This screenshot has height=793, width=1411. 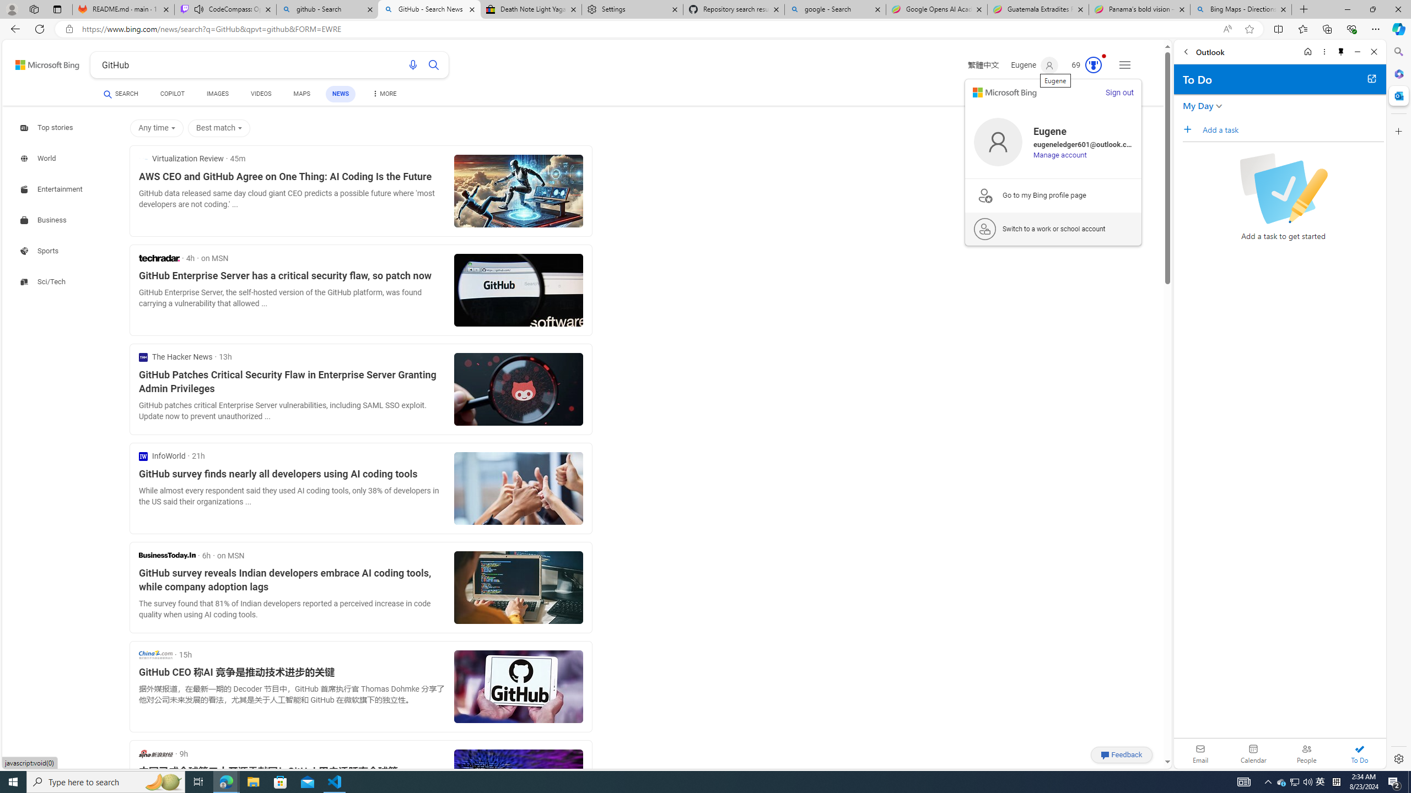 I want to click on 'Search news about Top stories', so click(x=47, y=127).